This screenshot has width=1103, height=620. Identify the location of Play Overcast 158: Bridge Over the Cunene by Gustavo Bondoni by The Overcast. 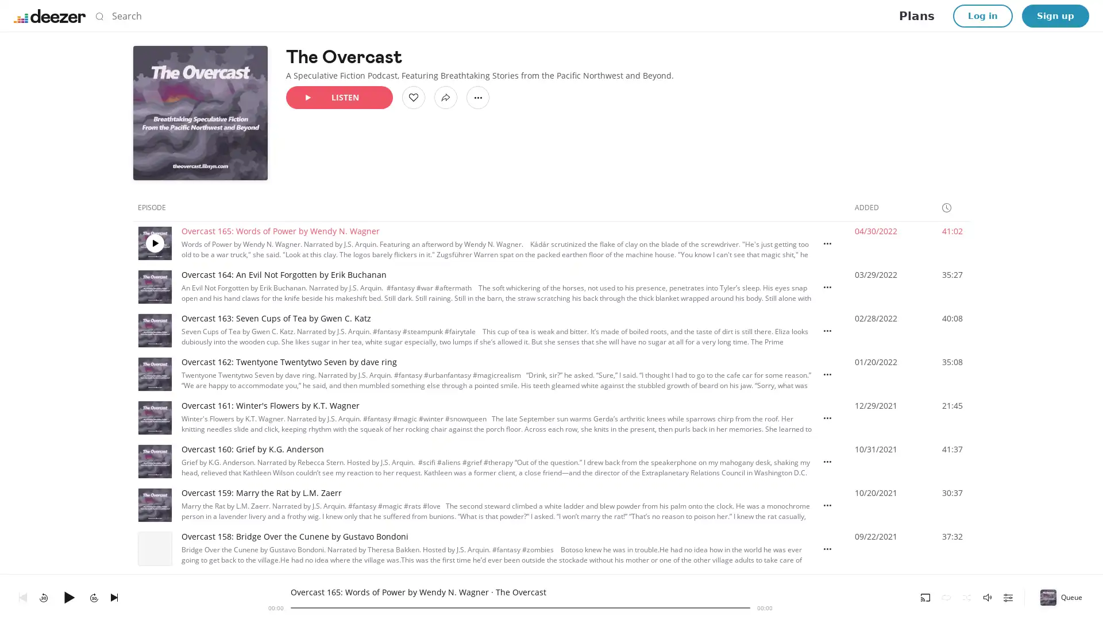
(154, 548).